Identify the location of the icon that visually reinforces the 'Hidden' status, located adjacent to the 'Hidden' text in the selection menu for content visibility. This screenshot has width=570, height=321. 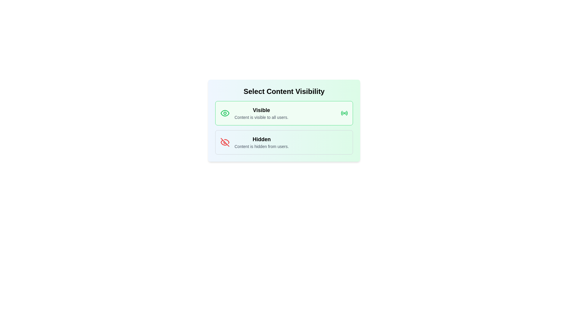
(225, 142).